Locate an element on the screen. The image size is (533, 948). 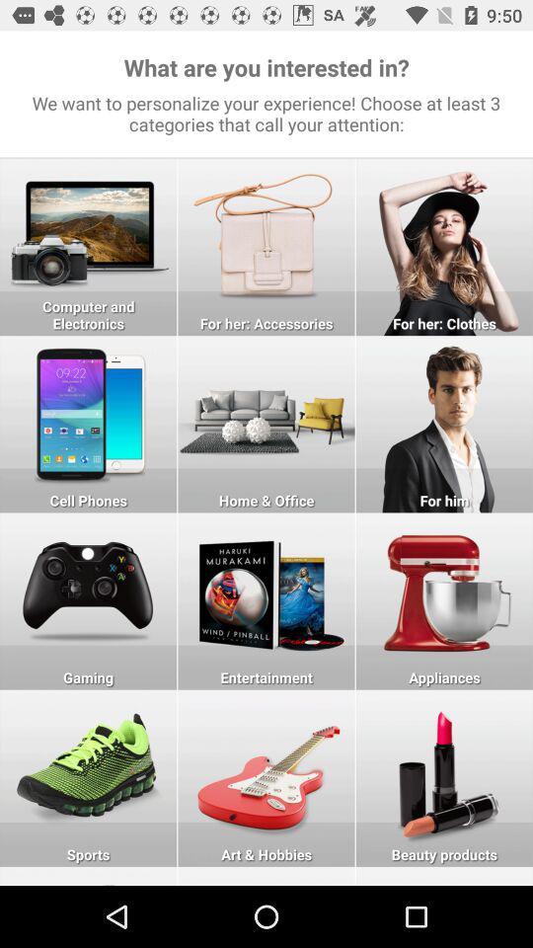
beauty product section is located at coordinates (444, 778).